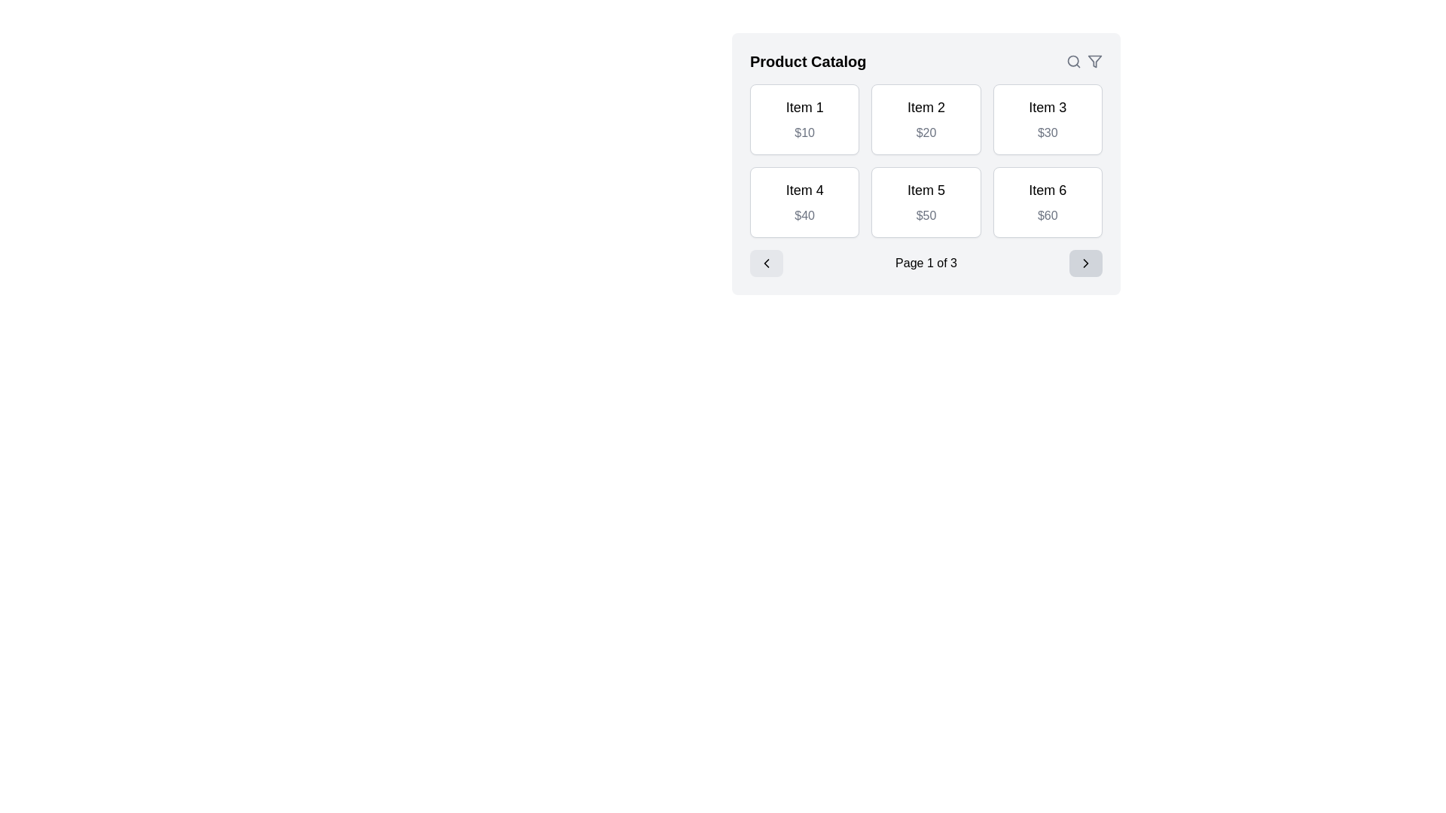  Describe the element at coordinates (807, 60) in the screenshot. I see `title text at the top left corner of the catalog interface to understand the context about the items and pricing displayed below` at that location.